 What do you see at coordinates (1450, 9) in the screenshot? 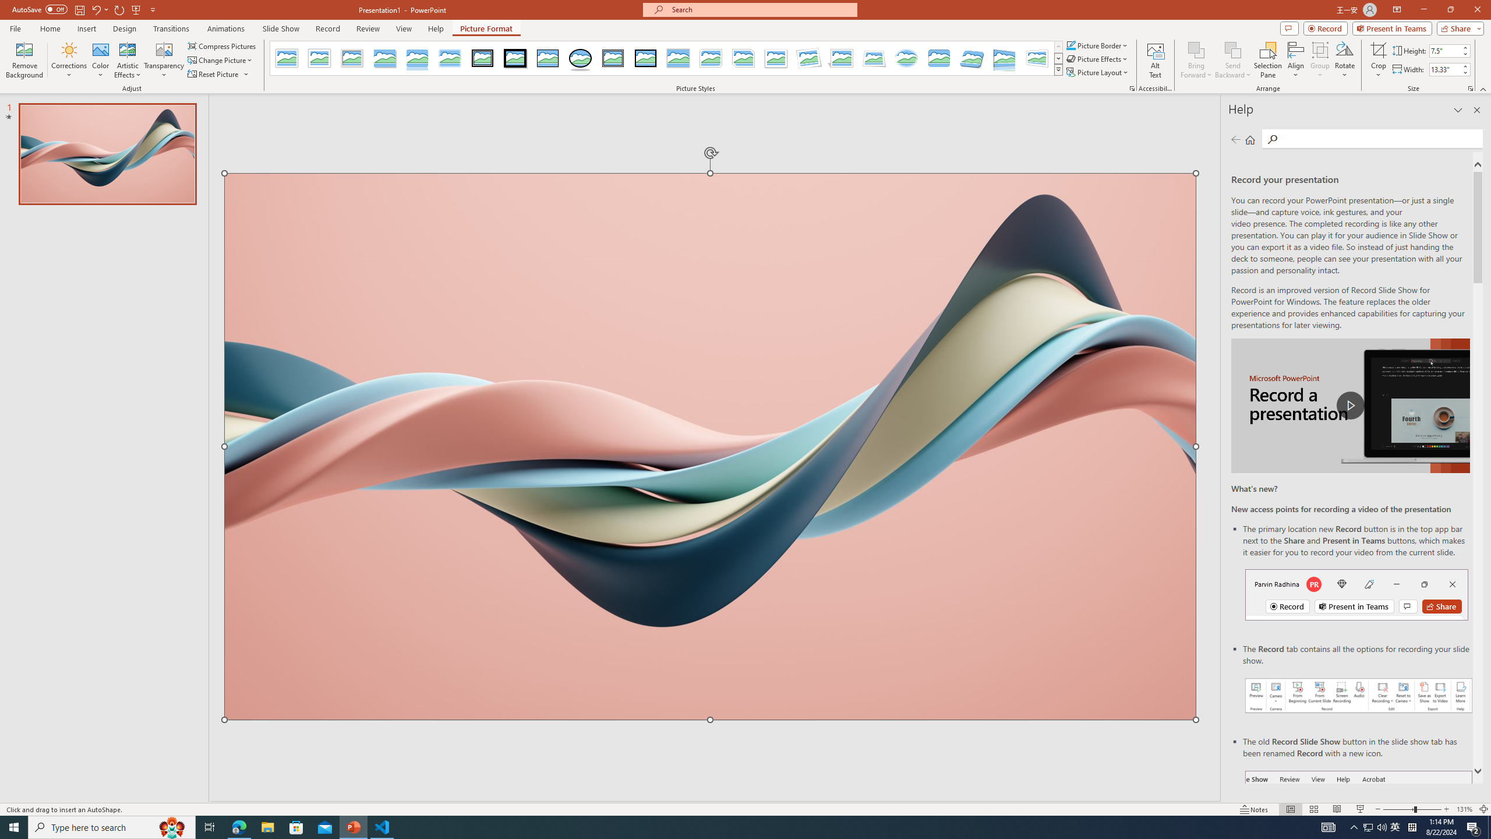
I see `'Restore Down'` at bounding box center [1450, 9].